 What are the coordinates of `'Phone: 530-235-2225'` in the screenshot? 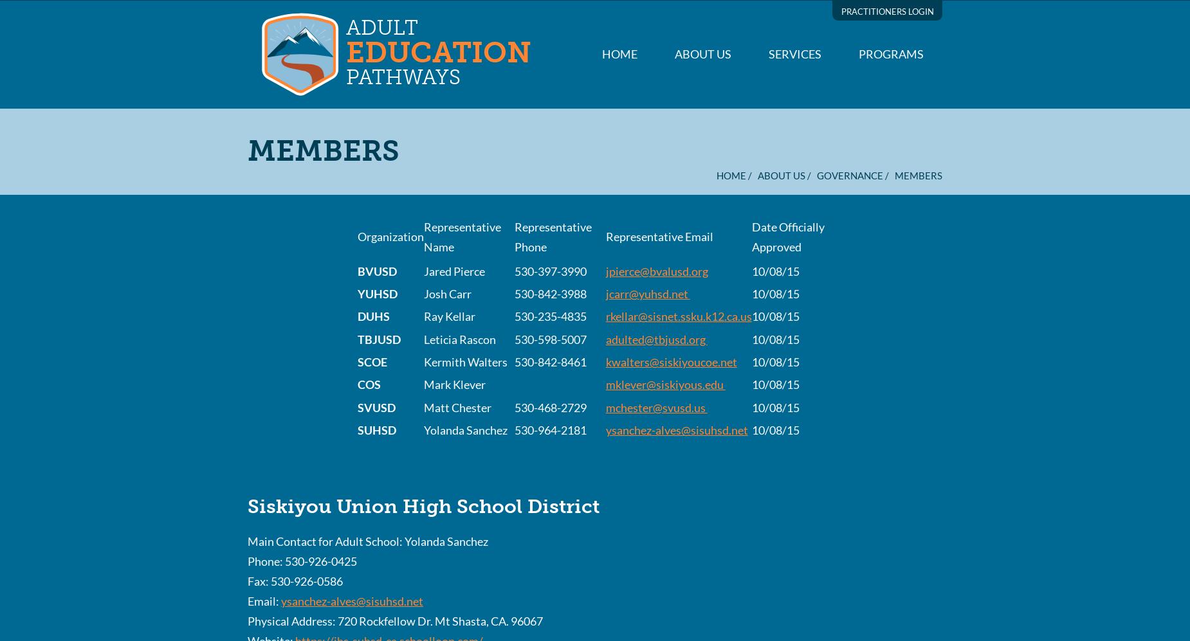 It's located at (302, 203).